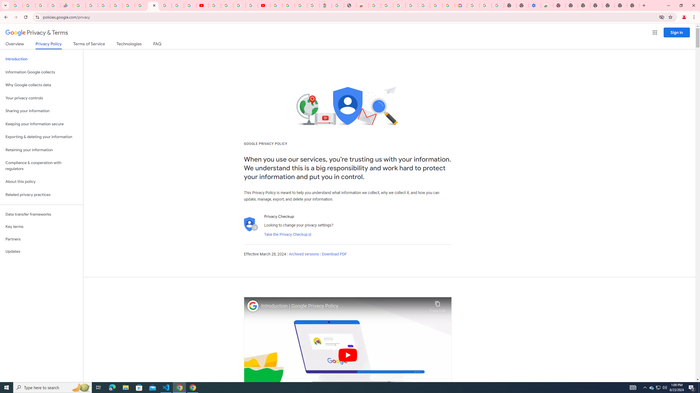 This screenshot has width=700, height=393. I want to click on 'Retaining your information', so click(41, 150).